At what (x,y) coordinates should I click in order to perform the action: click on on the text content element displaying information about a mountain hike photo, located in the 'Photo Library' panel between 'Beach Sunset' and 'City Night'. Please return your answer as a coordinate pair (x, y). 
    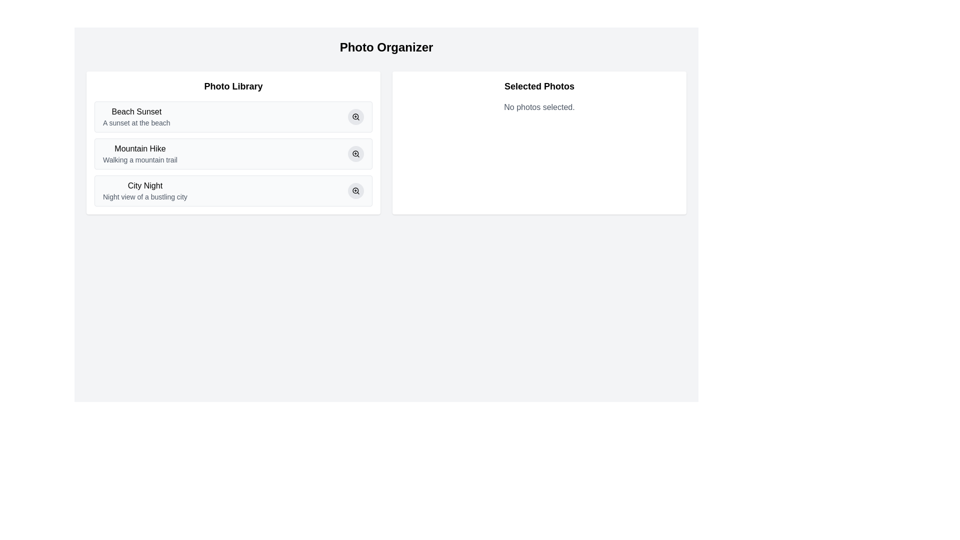
    Looking at the image, I should click on (139, 154).